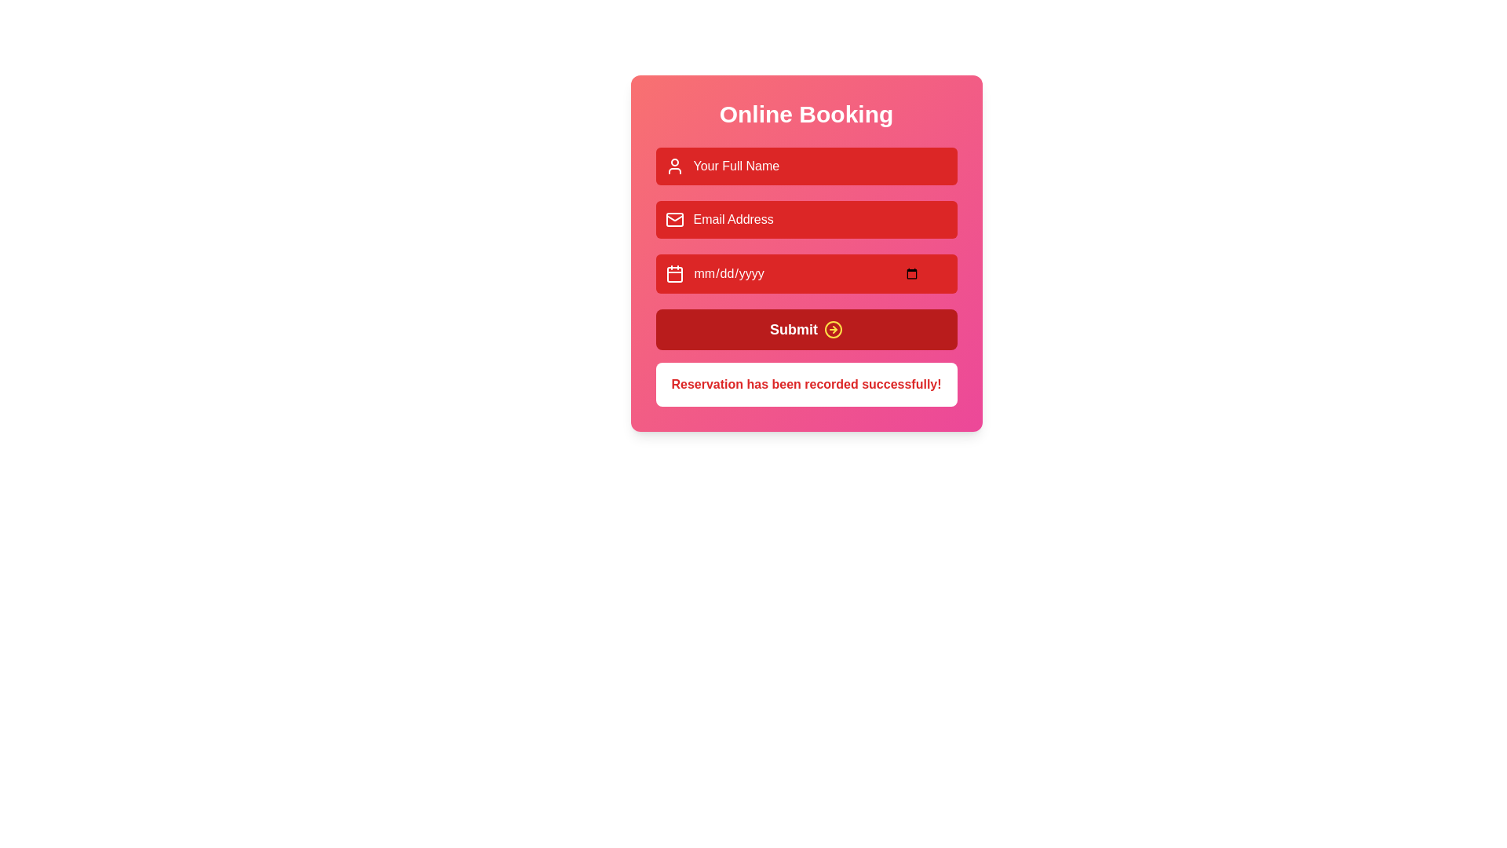 The width and height of the screenshot is (1507, 848). Describe the element at coordinates (674, 166) in the screenshot. I see `the SVG user profile avatar icon located to the left of the 'Your Full Name' text field, which is styled in white against a red background` at that location.